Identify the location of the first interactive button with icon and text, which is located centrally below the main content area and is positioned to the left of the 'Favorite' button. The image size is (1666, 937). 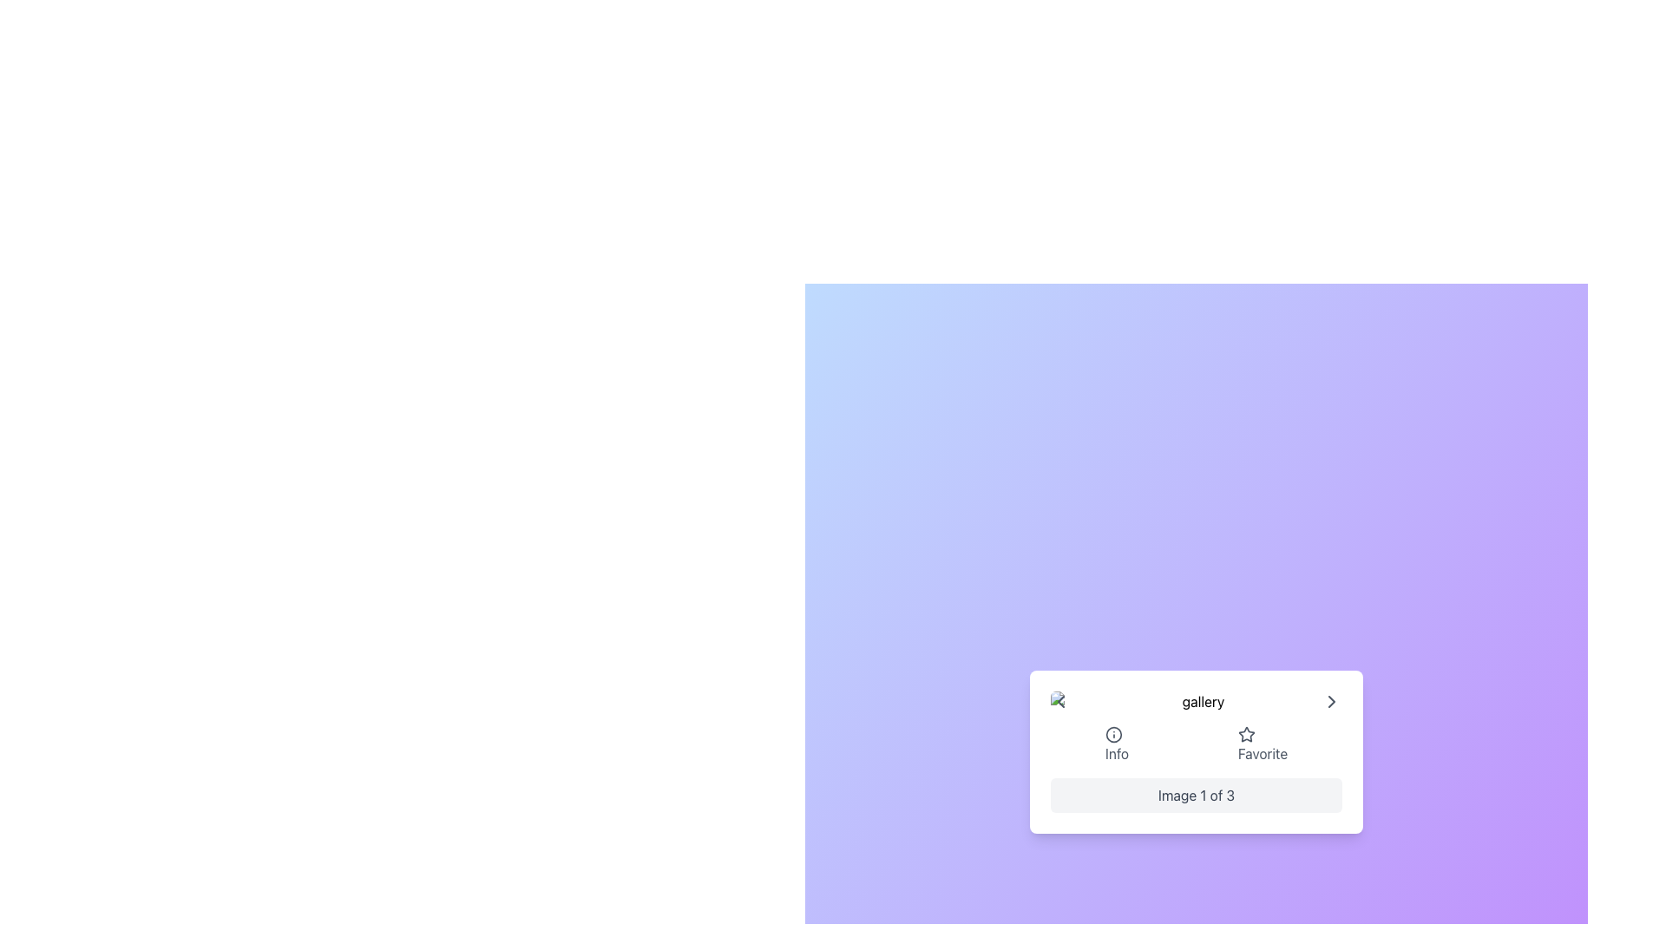
(1117, 744).